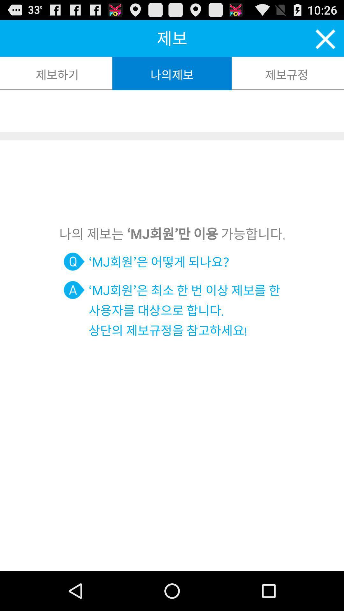 This screenshot has width=344, height=611. I want to click on the close icon, so click(326, 42).